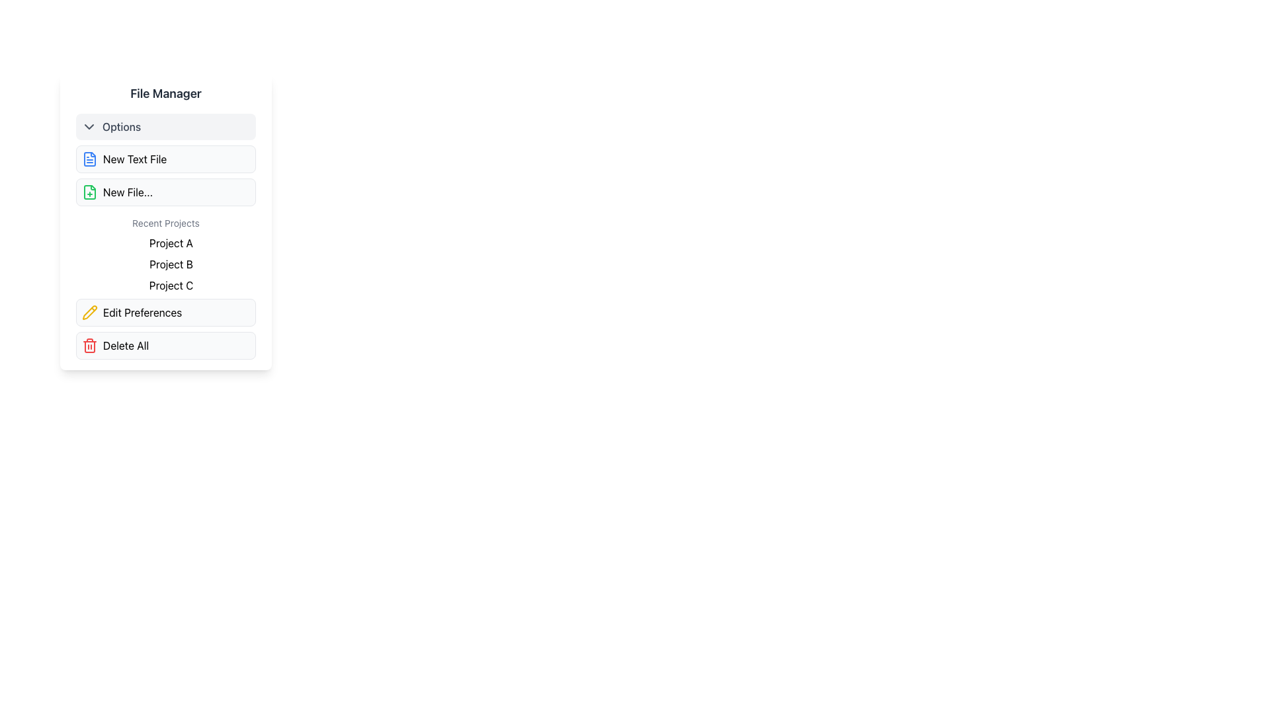 Image resolution: width=1270 pixels, height=714 pixels. Describe the element at coordinates (165, 285) in the screenshot. I see `the static text element labeled 'Project C', which is the third item in the 'Recent Projects' list located in the sidebar` at that location.